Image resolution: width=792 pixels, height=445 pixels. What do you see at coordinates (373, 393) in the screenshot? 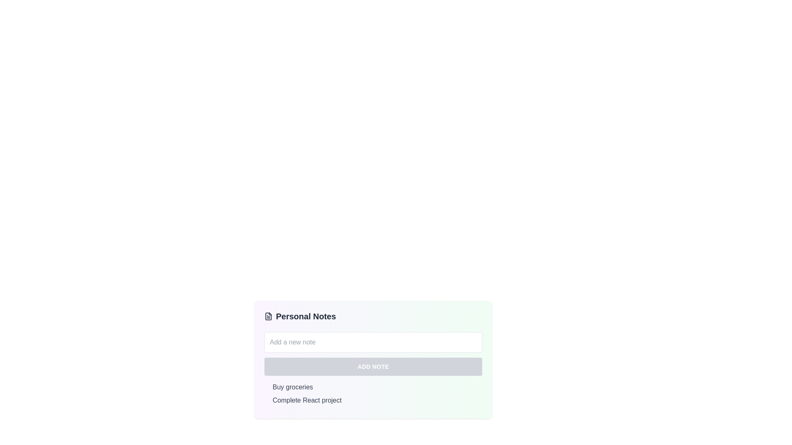
I see `the bulleted list displaying user-added notes located below the 'Add Note' button in the 'Personal Notes' section` at bounding box center [373, 393].